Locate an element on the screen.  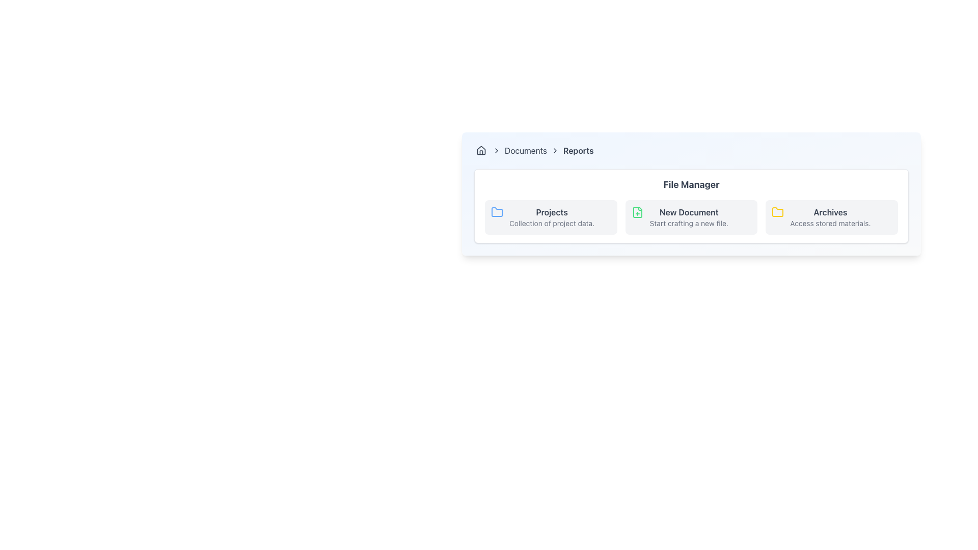
the third right-facing chevron icon in the breadcrumb navigation bar, located between the 'Documents' and 'Reports' text items is located at coordinates (554, 151).